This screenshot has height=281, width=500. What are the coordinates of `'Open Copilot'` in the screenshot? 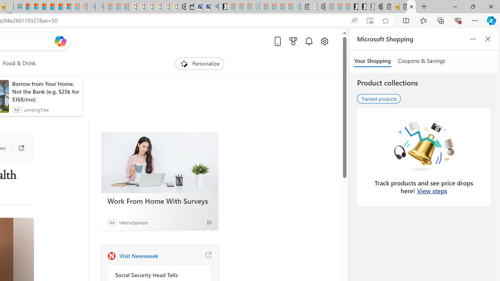 It's located at (60, 41).